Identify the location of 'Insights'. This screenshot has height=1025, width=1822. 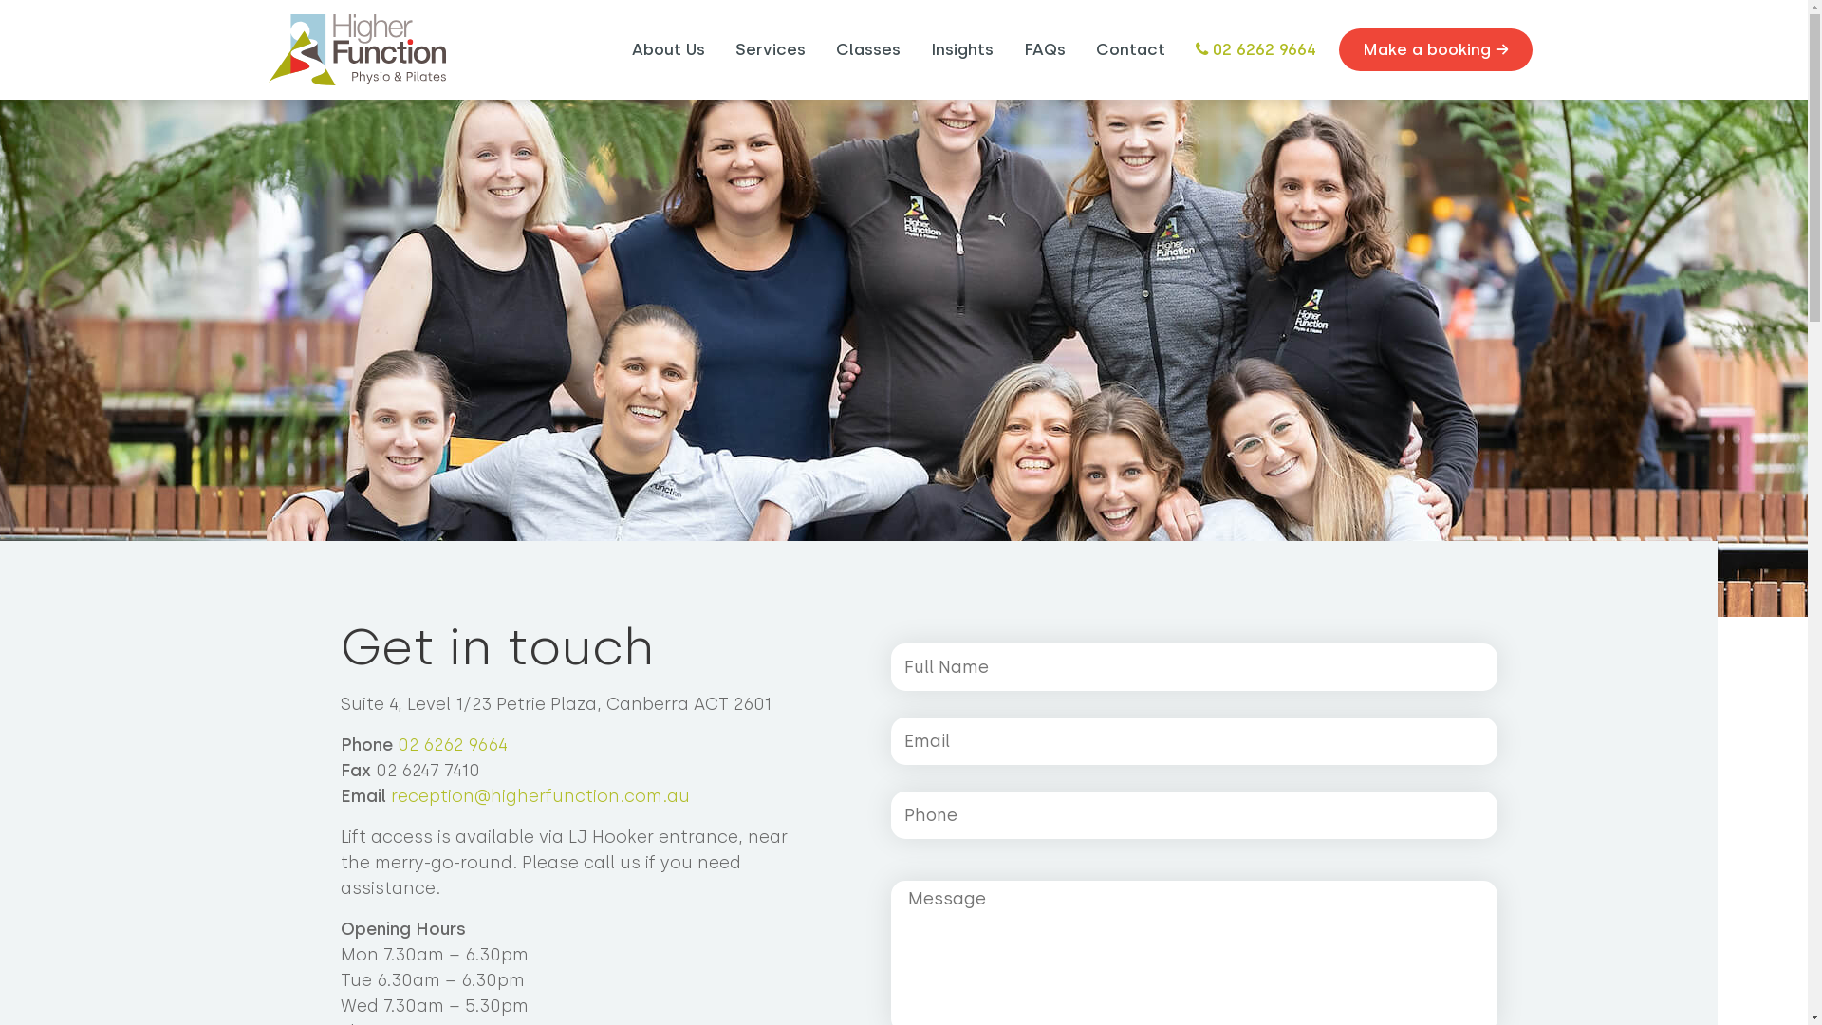
(960, 49).